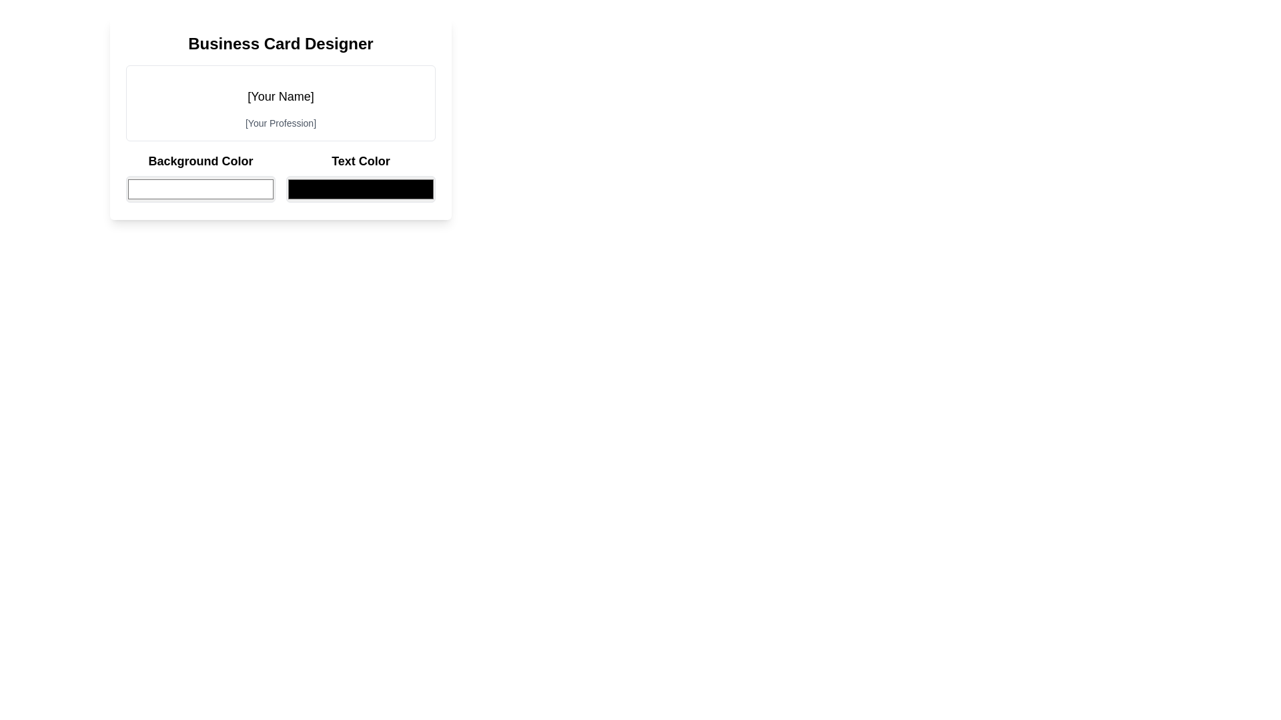 This screenshot has height=720, width=1281. Describe the element at coordinates (361, 161) in the screenshot. I see `'Text Color' label, which is a bold, larger font element positioned above its associated input field for selecting text colors` at that location.